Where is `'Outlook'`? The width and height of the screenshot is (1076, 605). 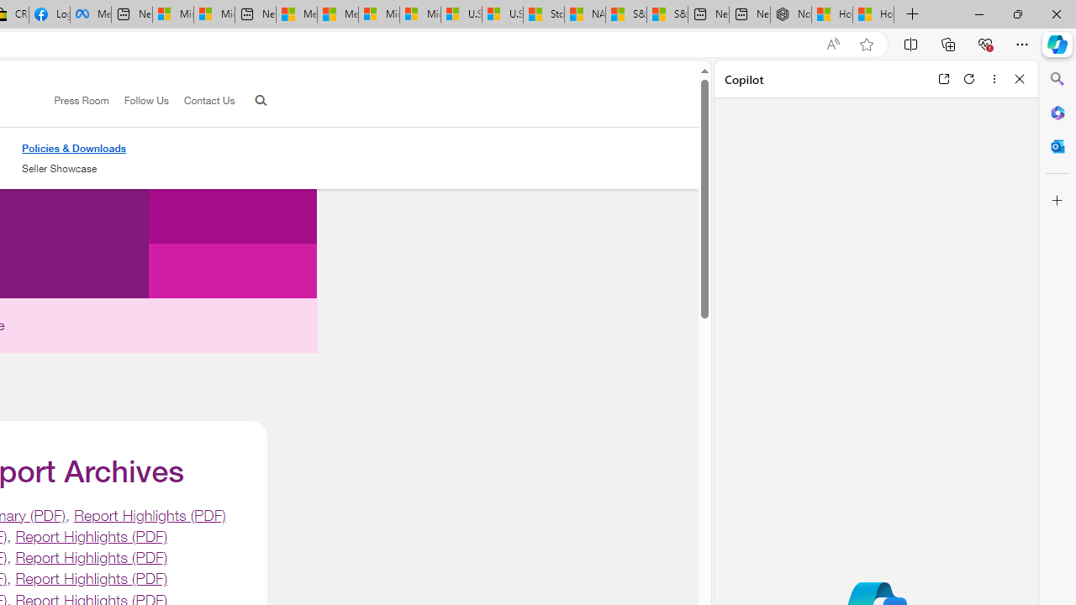 'Outlook' is located at coordinates (1057, 145).